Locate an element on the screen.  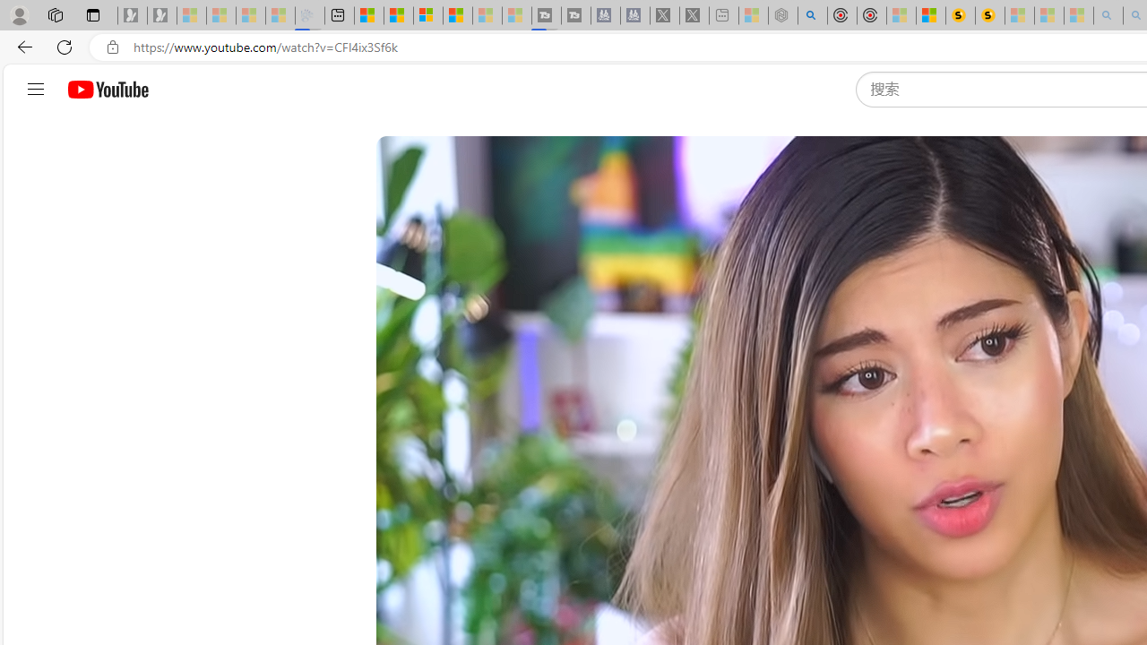
'Newsletter Sign Up - Sleeping' is located at coordinates (162, 15).